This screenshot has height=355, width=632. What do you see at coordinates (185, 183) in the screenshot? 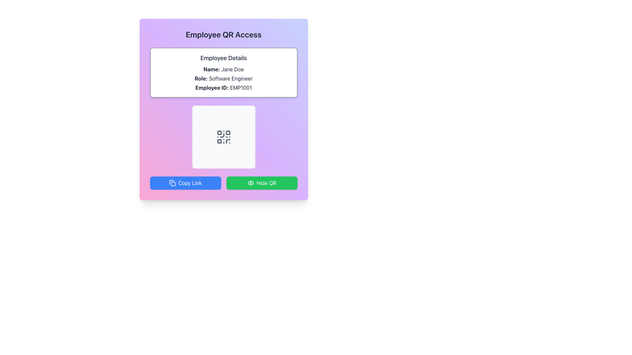
I see `the 'Copy Link' button located at the bottom-left of the two-button layout to copy a hyperlink to the clipboard` at bounding box center [185, 183].